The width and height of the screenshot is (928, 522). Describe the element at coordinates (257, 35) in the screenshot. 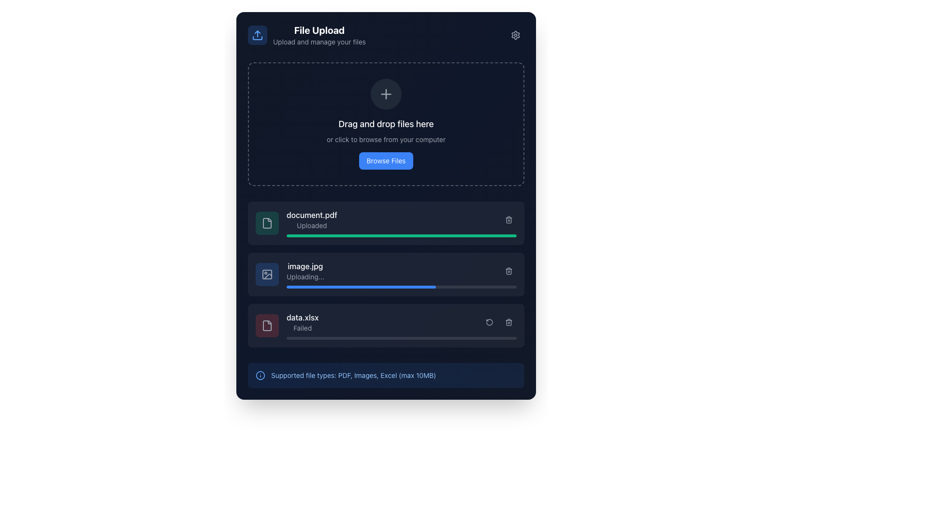

I see `the upload icon located inside a rounded button with a blue background, positioned at the top-left corner of the interface next to the 'File Upload' text` at that location.